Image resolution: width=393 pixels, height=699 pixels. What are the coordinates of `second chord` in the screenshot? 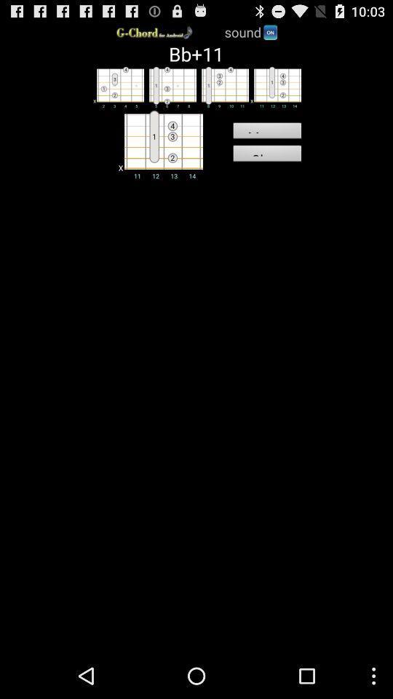 It's located at (169, 87).